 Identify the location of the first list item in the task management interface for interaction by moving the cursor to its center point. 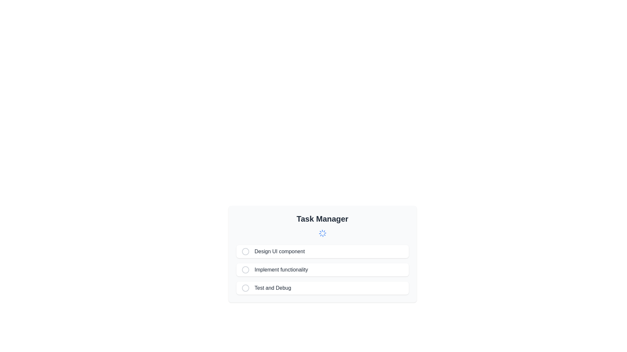
(322, 251).